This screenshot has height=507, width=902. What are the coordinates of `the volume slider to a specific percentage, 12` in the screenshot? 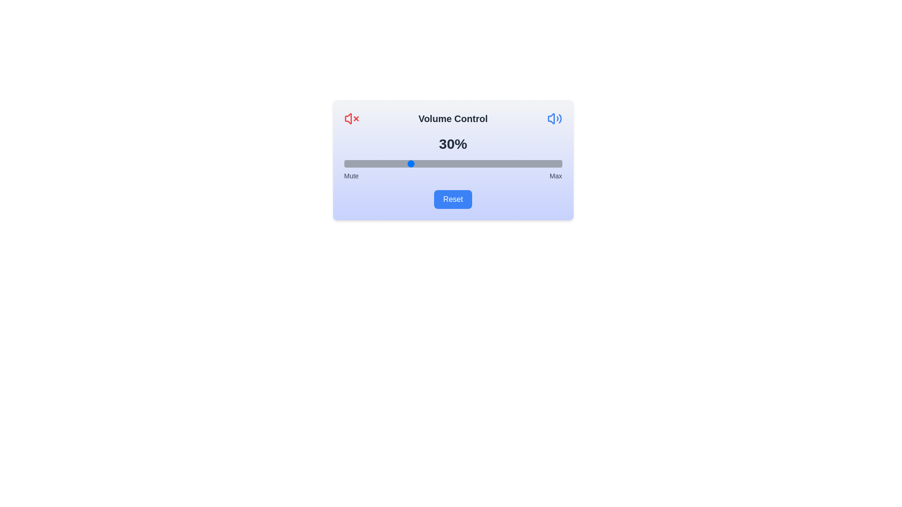 It's located at (370, 163).